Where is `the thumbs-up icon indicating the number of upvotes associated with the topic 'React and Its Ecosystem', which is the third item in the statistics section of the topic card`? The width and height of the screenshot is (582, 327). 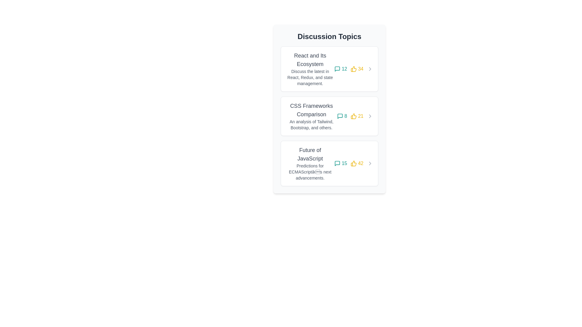 the thumbs-up icon indicating the number of upvotes associated with the topic 'React and Its Ecosystem', which is the third item in the statistics section of the topic card is located at coordinates (354, 68).